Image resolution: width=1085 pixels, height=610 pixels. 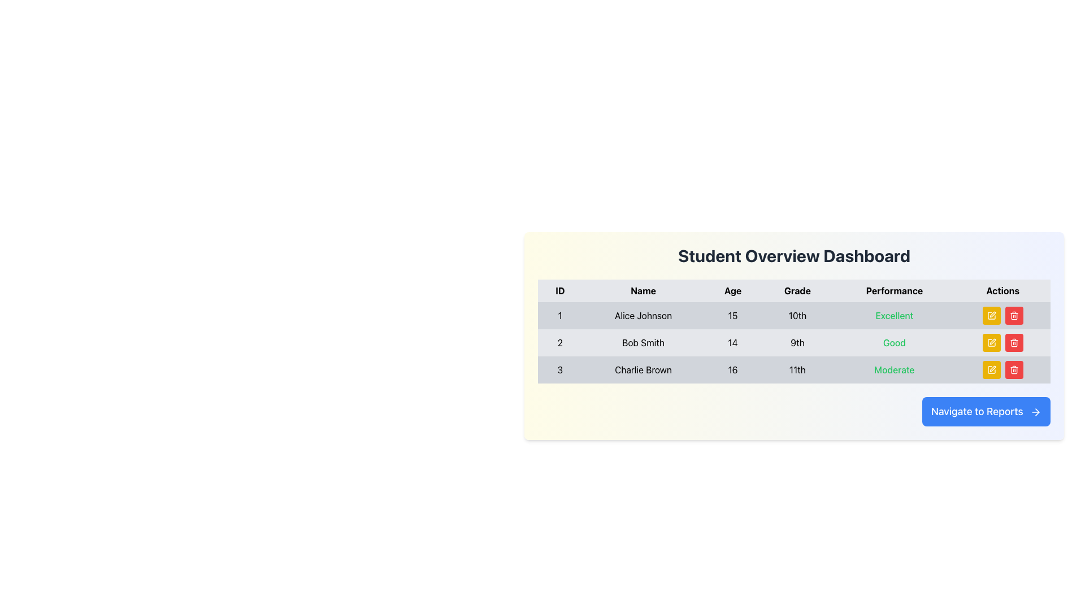 What do you see at coordinates (1014, 370) in the screenshot?
I see `the 'Delete' button (trash icon) located in the 'Actions' column of the third row in the 'Student Overview Dashboard' table` at bounding box center [1014, 370].